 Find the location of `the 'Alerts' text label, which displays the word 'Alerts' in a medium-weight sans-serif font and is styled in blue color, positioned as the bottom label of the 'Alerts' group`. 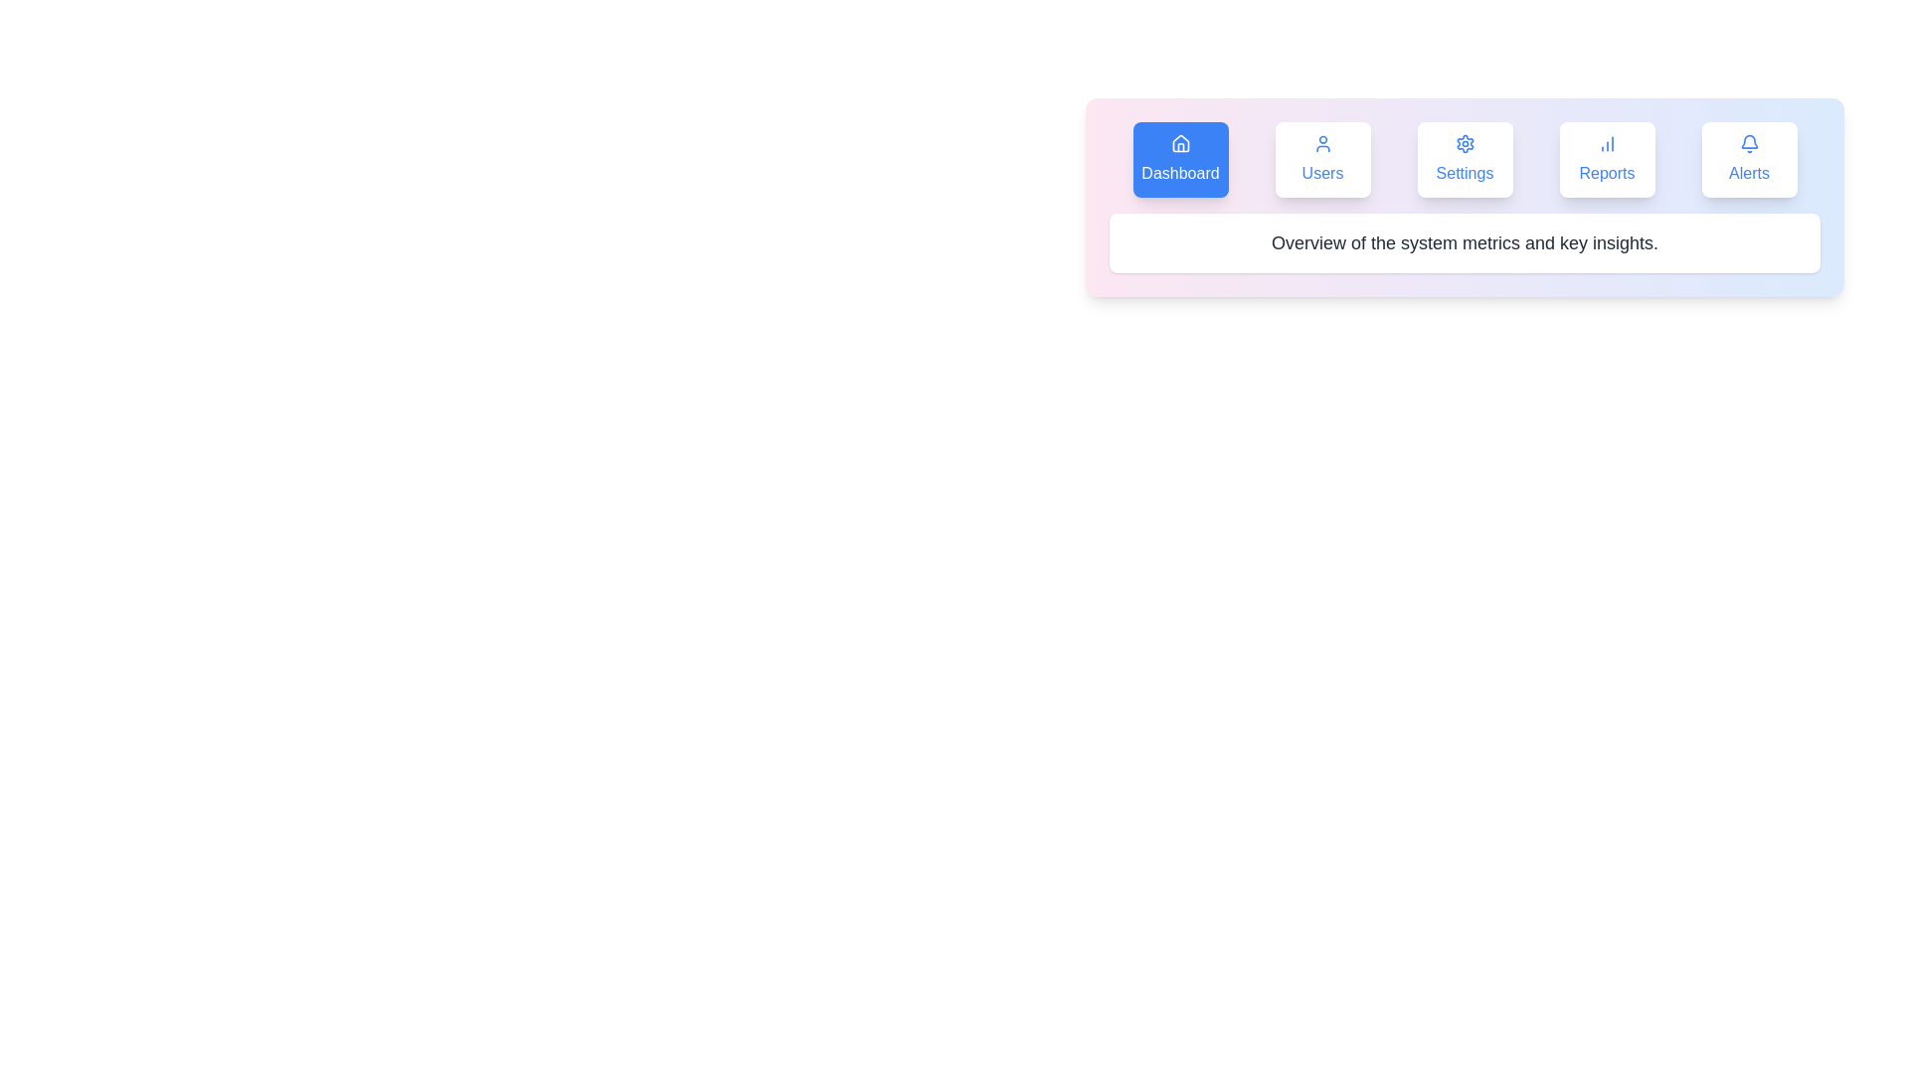

the 'Alerts' text label, which displays the word 'Alerts' in a medium-weight sans-serif font and is styled in blue color, positioned as the bottom label of the 'Alerts' group is located at coordinates (1748, 172).